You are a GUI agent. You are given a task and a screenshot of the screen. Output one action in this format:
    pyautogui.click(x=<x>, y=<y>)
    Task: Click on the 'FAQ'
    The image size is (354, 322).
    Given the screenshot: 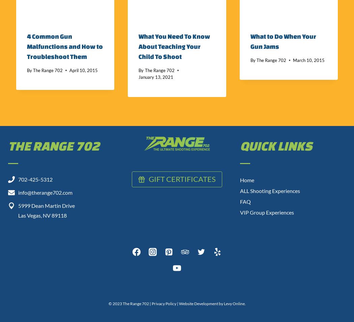 What is the action you would take?
    pyautogui.click(x=245, y=201)
    